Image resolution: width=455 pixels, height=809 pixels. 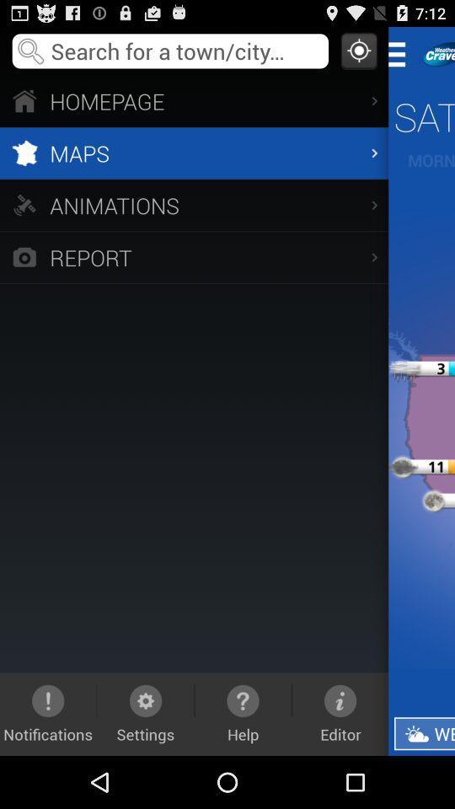 What do you see at coordinates (146, 713) in the screenshot?
I see `the settings icon` at bounding box center [146, 713].